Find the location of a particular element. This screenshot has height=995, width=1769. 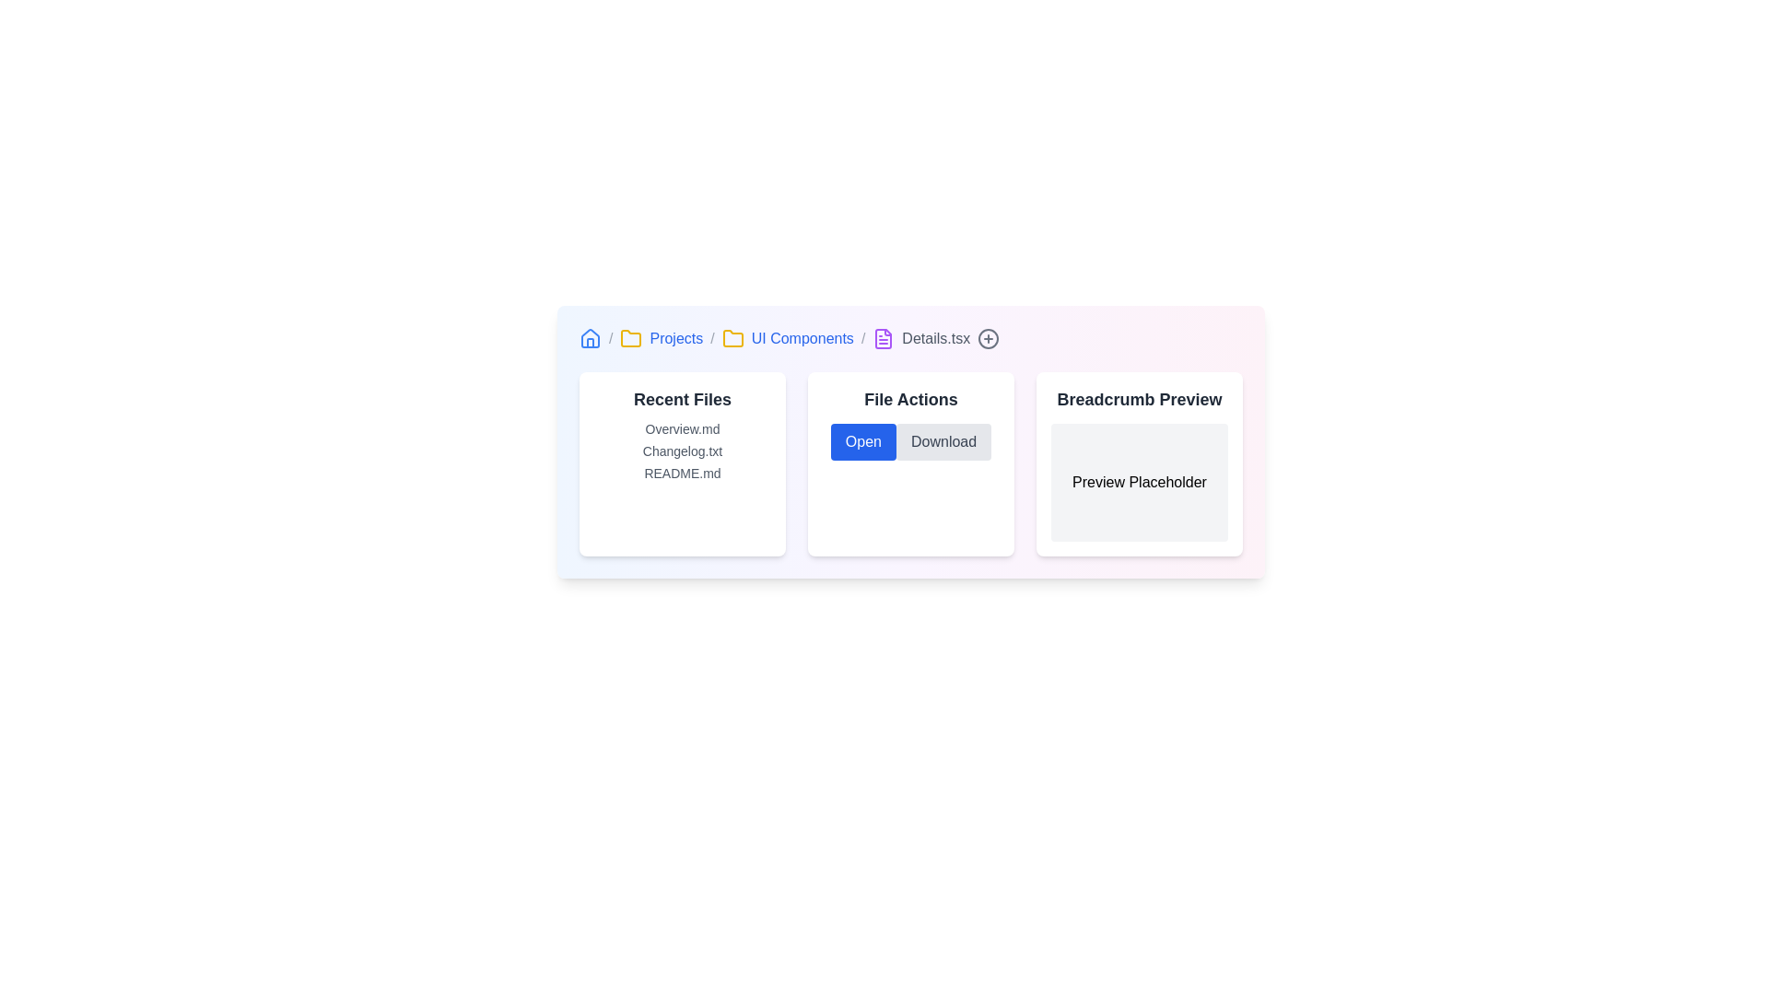

the gray forward slash ('/') character in the breadcrumb navigation bar that separates 'Projects' and 'UI Components' is located at coordinates (711, 338).